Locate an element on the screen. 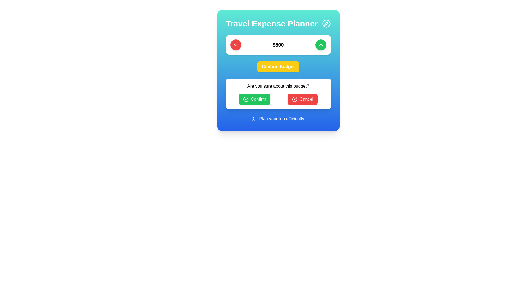  the circular red icon with a white cross inside it, which represents cancellation, located to the left of the 'Cancel' button in the confirmation dialogue box is located at coordinates (294, 99).